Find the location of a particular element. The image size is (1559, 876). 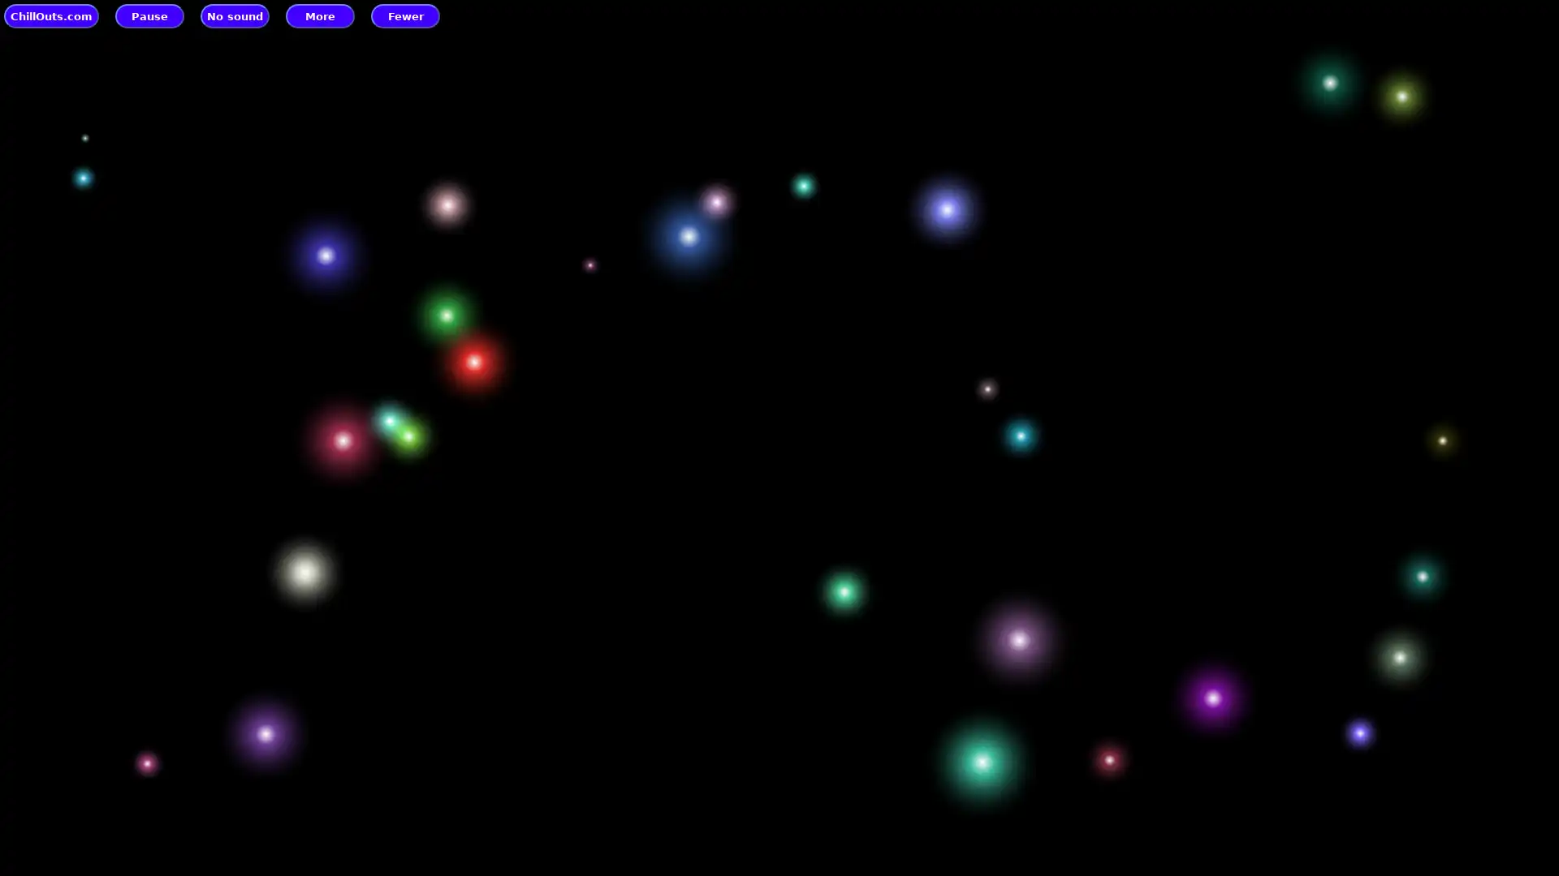

No sound is located at coordinates (234, 15).